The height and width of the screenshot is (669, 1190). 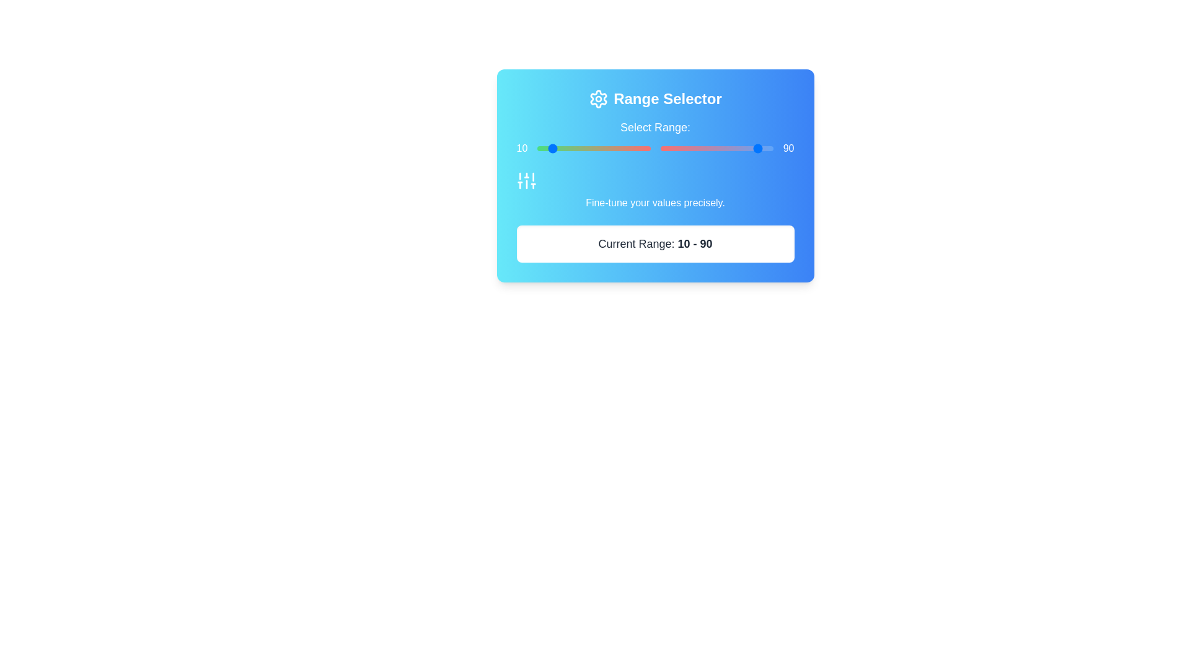 I want to click on the slider to set the value to 25, so click(x=596, y=147).